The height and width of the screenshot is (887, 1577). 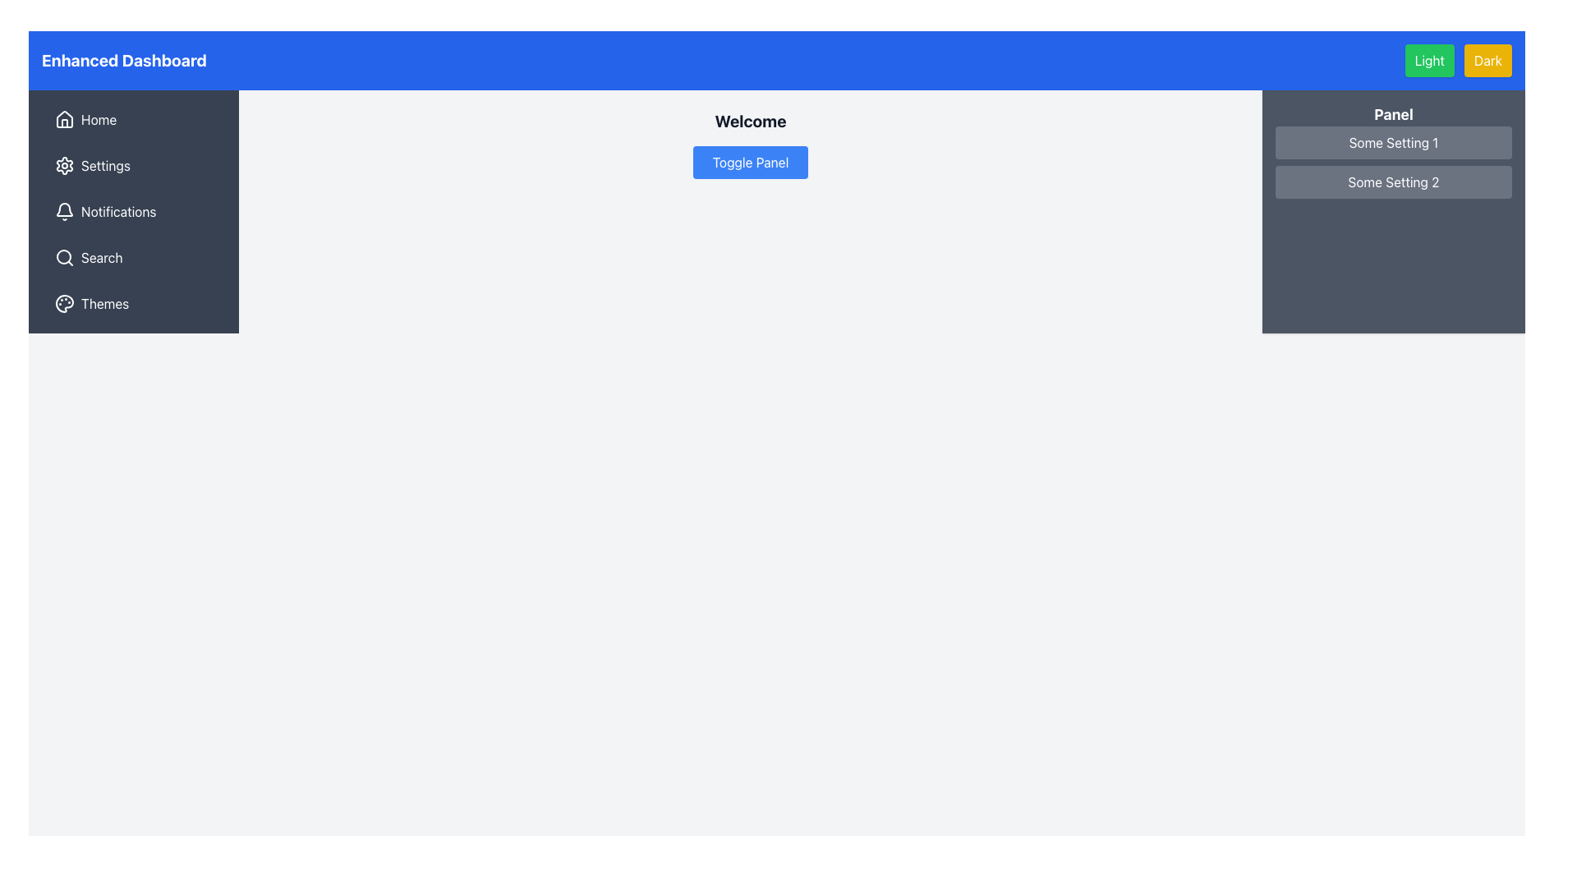 I want to click on the 'Notifications' menu item (the third item in the vertical menu on the left sidebar), so click(x=134, y=211).